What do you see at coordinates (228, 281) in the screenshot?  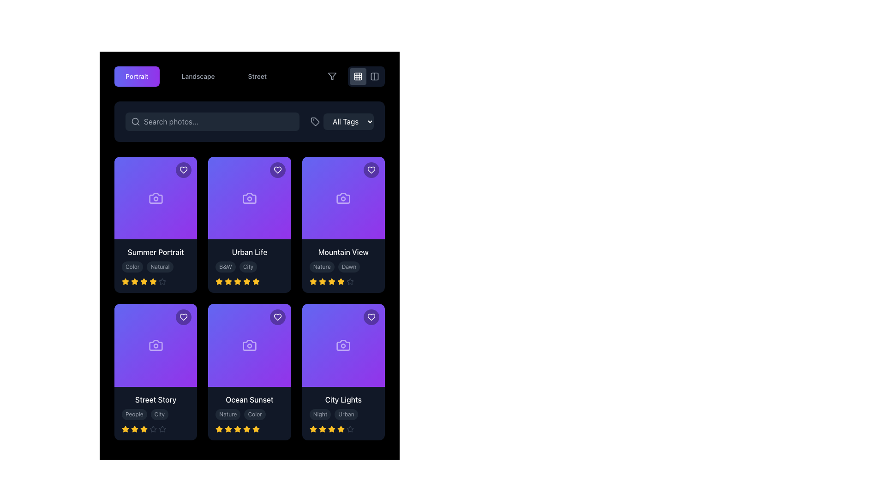 I see `the fourth star in the rating system for the 'Urban Life' card` at bounding box center [228, 281].